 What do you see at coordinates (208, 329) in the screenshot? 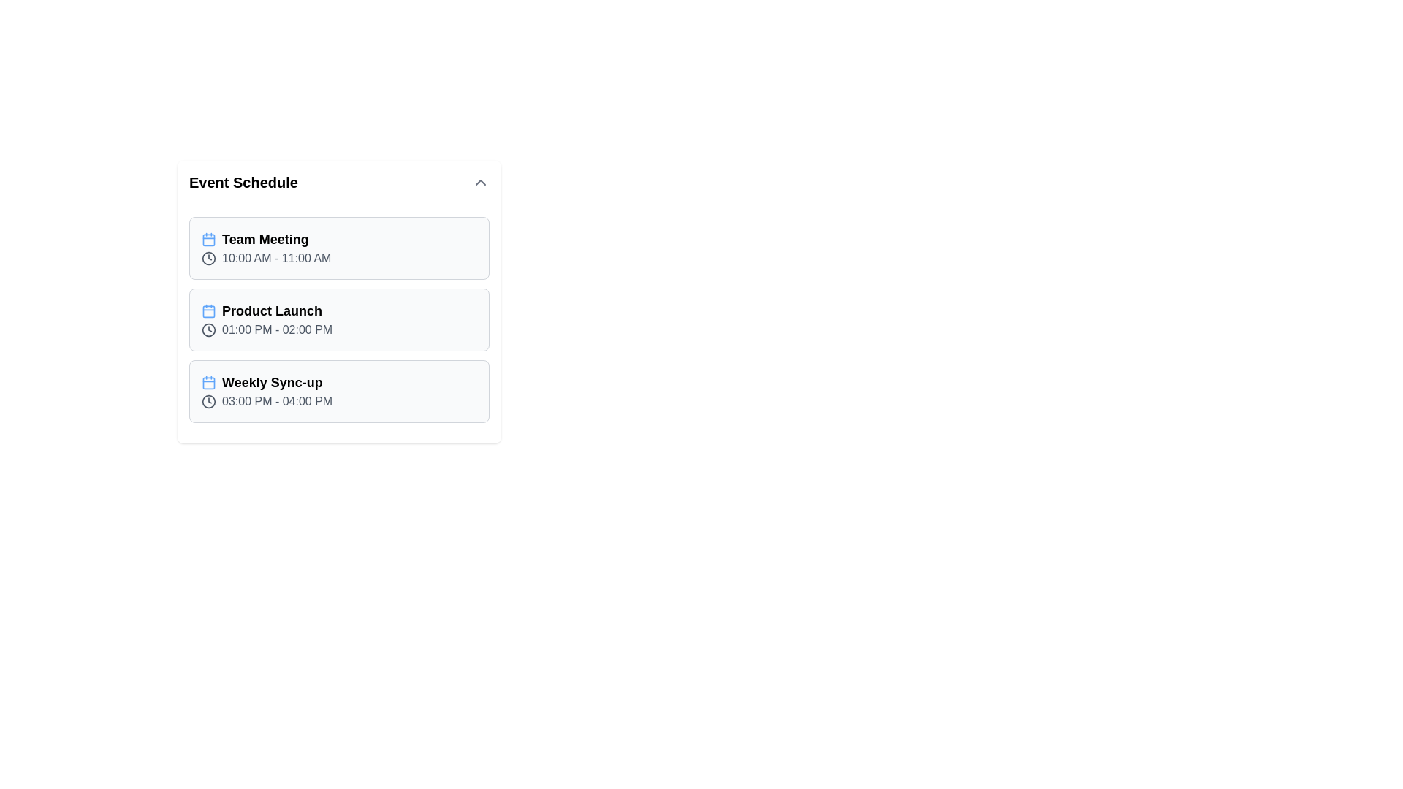
I see `the clock icon with a circular outline and clock hands, located in the second event block under 'Product Launch', positioned to the left of the time range text '01:00 PM - 02:00 PM'` at bounding box center [208, 329].